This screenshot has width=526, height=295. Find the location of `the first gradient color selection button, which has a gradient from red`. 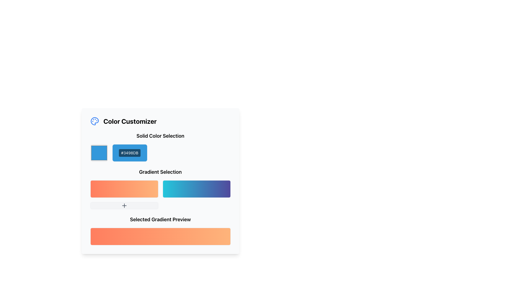

the first gradient color selection button, which has a gradient from red is located at coordinates (124, 188).